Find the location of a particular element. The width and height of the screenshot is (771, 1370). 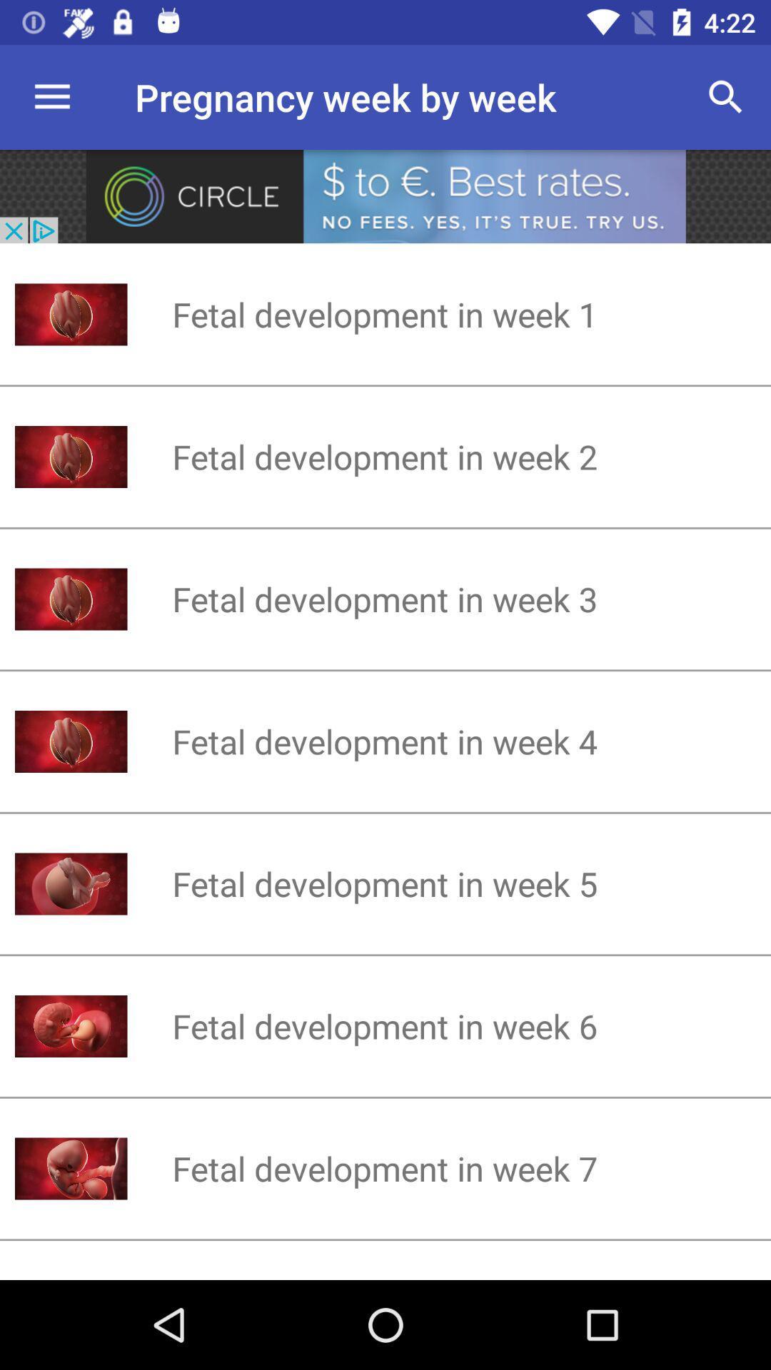

the image left to fetal development in week 2 is located at coordinates (71, 457).